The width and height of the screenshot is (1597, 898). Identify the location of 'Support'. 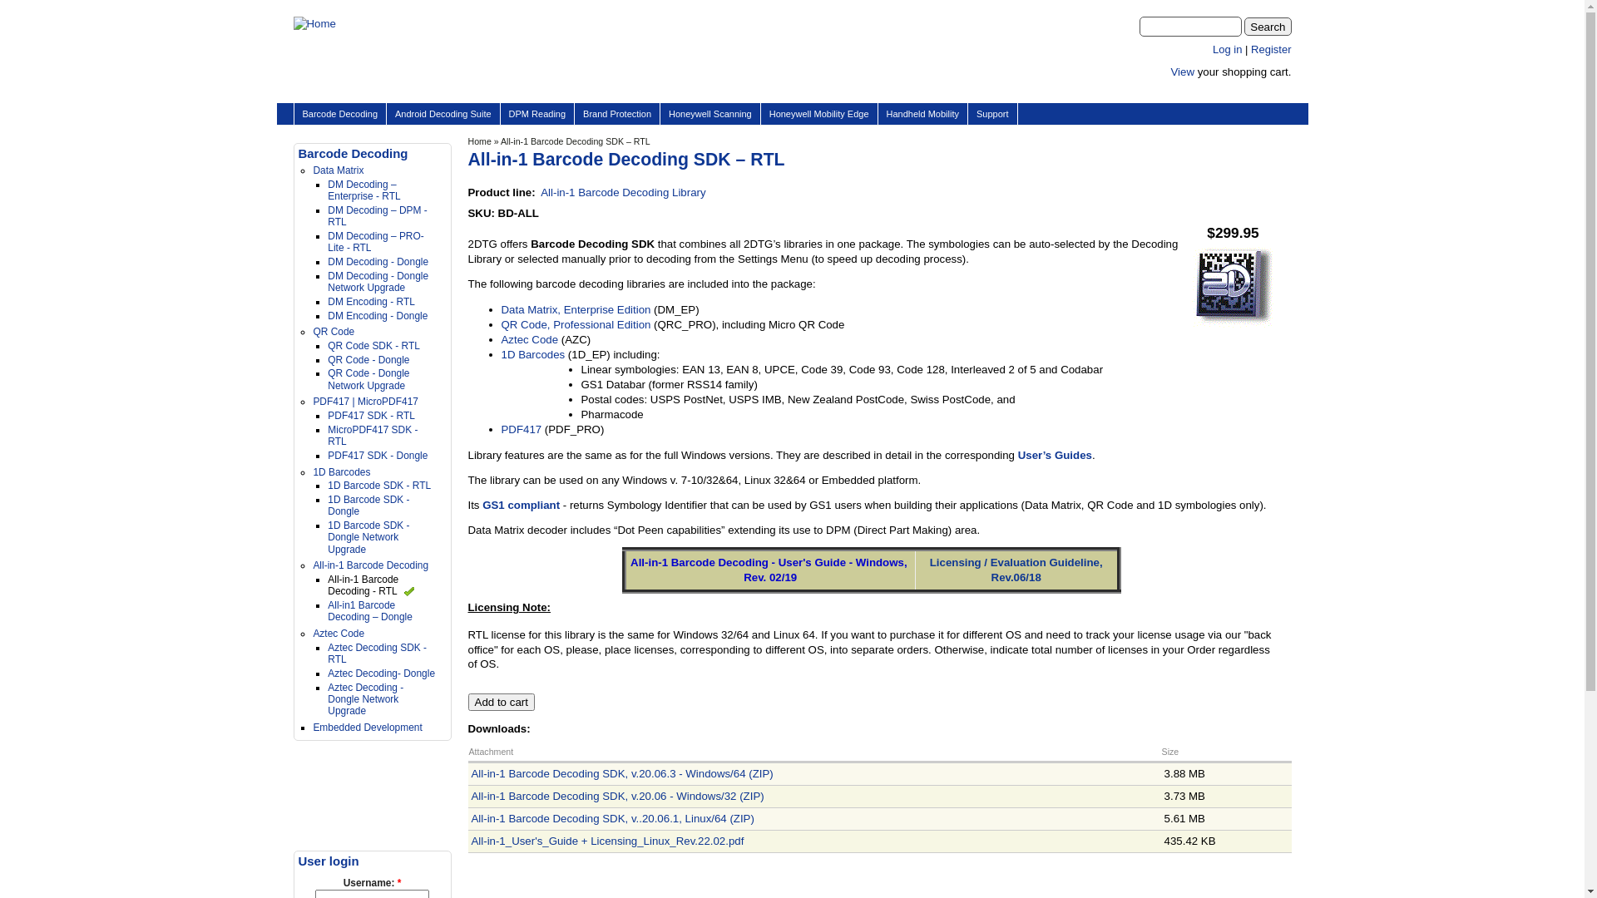
(967, 113).